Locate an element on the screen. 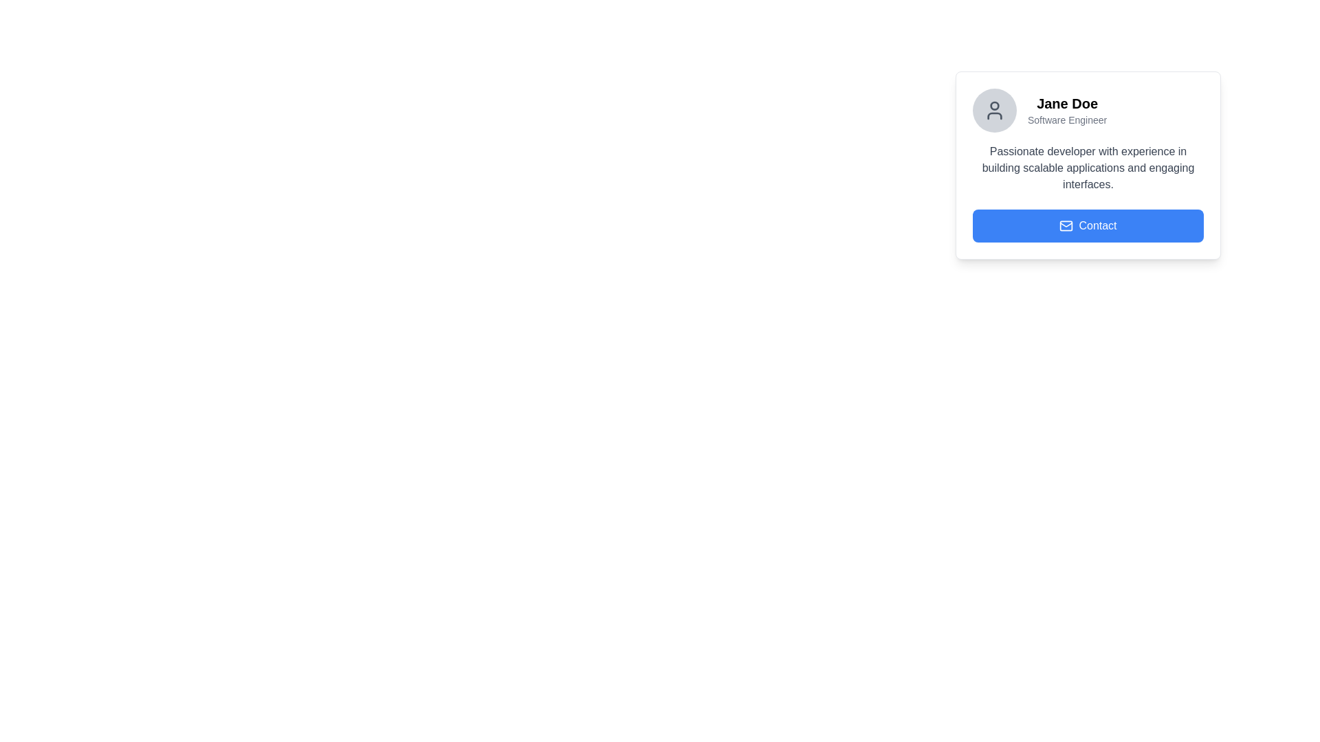 The height and width of the screenshot is (742, 1320). the curved-bottom shape of the person icon within the user profile card, which is styled in gray and positioned beneath the head circle in the SVG graphic is located at coordinates (994, 115).